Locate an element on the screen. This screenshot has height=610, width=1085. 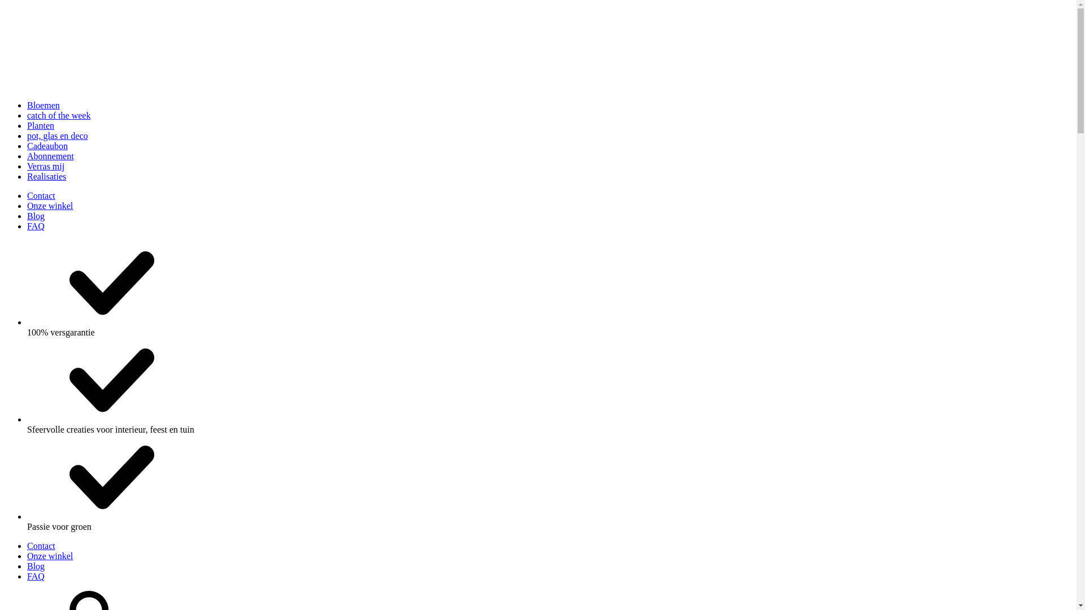
'Verras mij' is located at coordinates (45, 166).